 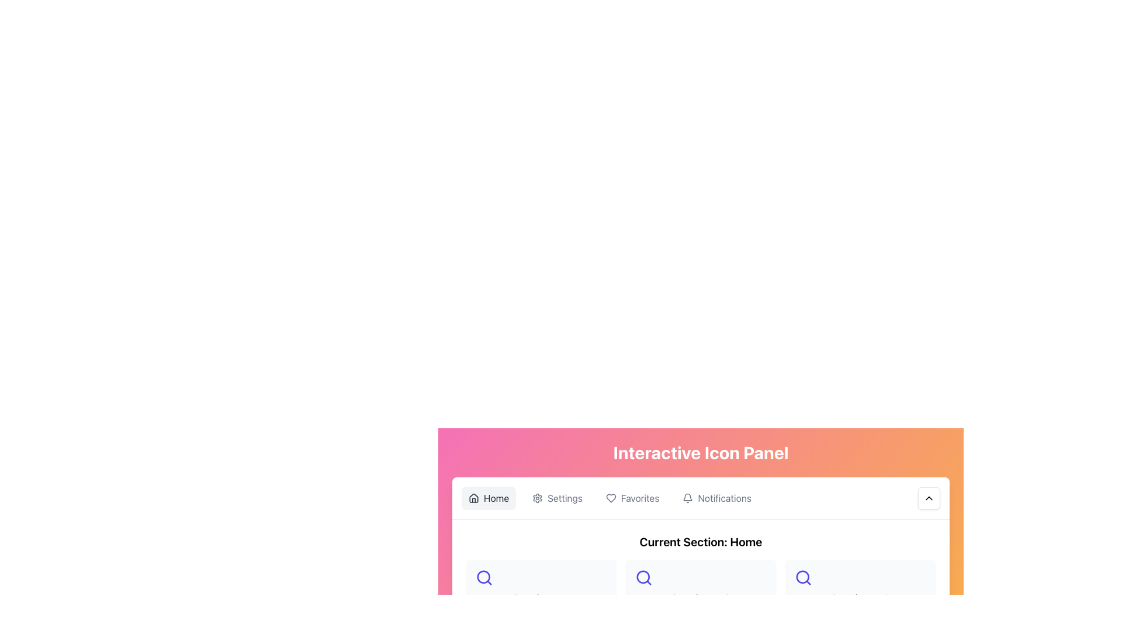 What do you see at coordinates (716, 498) in the screenshot?
I see `the 'Notifications' button located at the far right of the navigation bar, which features a bell icon and the label 'Notifications' in a small, gray font, to change its background` at bounding box center [716, 498].